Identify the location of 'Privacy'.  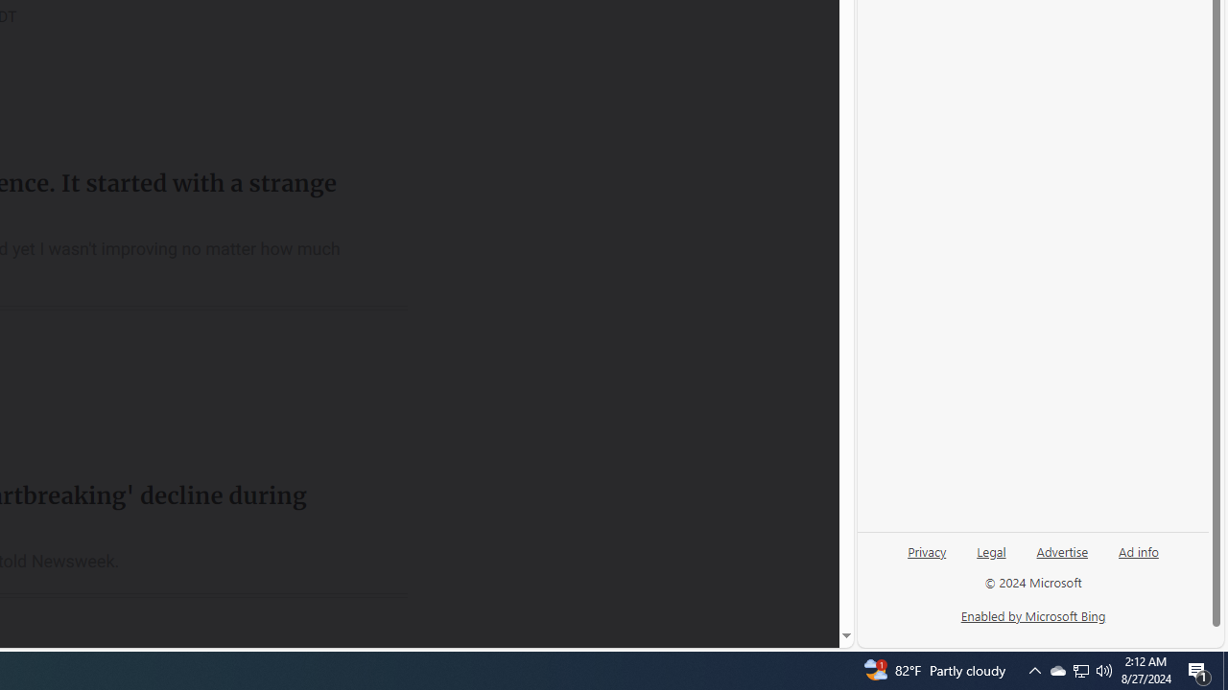
(927, 550).